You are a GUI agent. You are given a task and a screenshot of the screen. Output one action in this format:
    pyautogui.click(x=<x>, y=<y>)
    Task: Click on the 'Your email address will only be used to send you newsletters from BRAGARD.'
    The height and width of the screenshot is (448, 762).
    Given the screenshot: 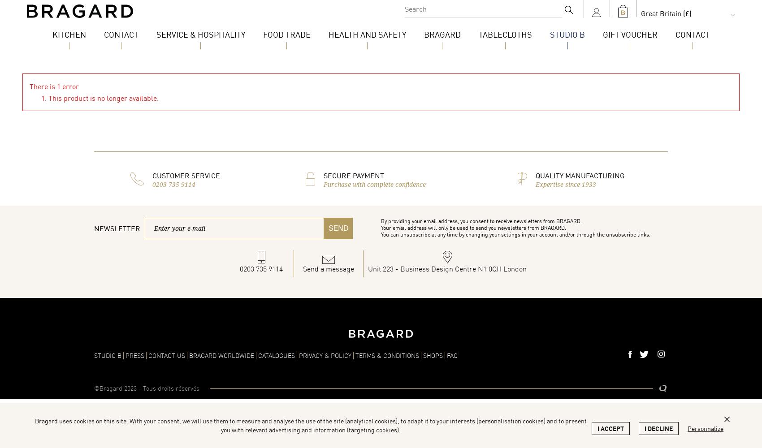 What is the action you would take?
    pyautogui.click(x=473, y=228)
    